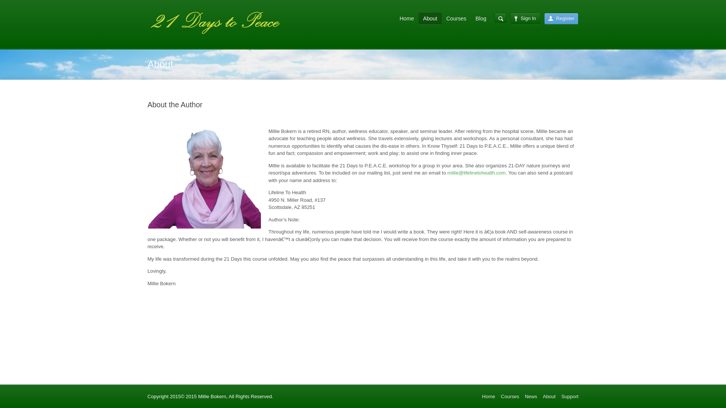 The width and height of the screenshot is (726, 408). Describe the element at coordinates (549, 396) in the screenshot. I see `'About'` at that location.